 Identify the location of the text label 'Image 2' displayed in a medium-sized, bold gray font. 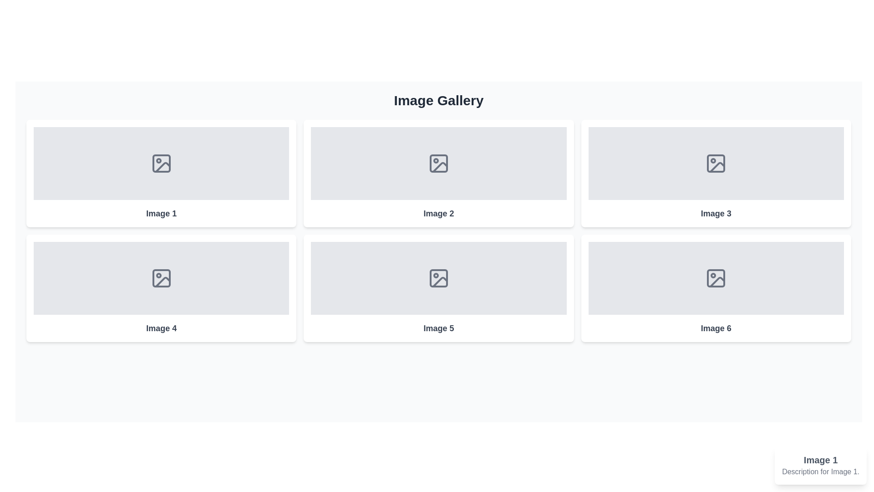
(439, 214).